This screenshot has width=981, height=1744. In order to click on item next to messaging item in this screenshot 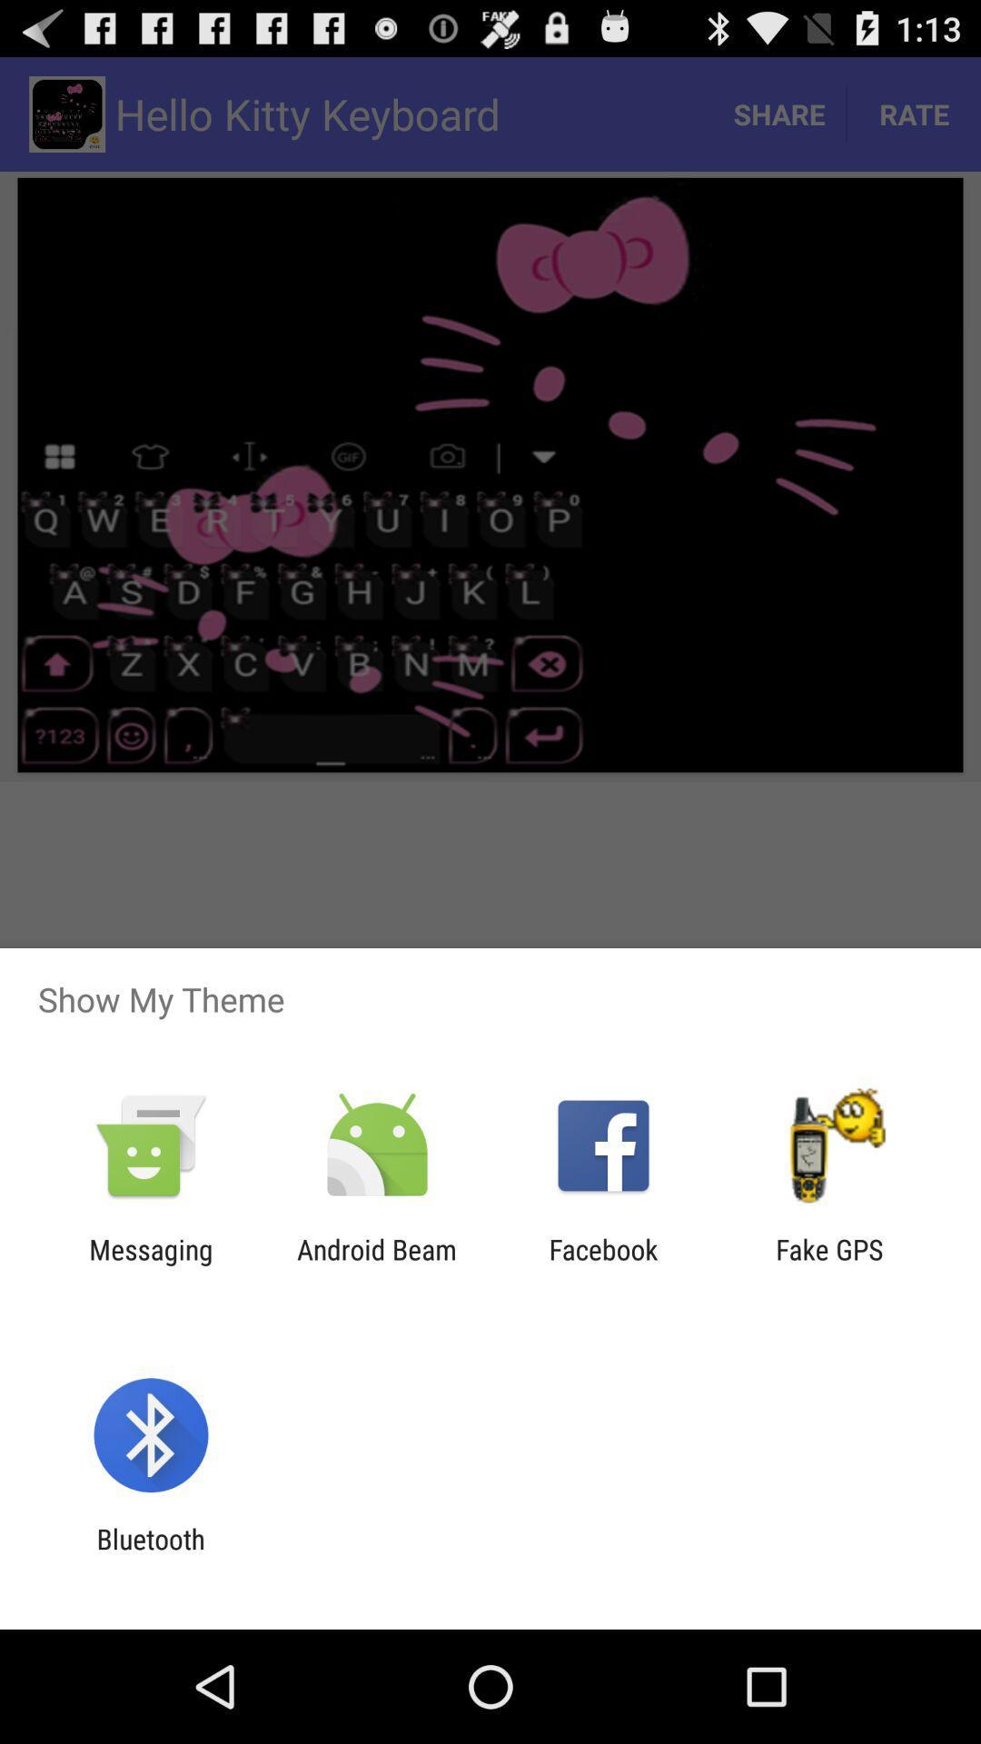, I will do `click(376, 1264)`.